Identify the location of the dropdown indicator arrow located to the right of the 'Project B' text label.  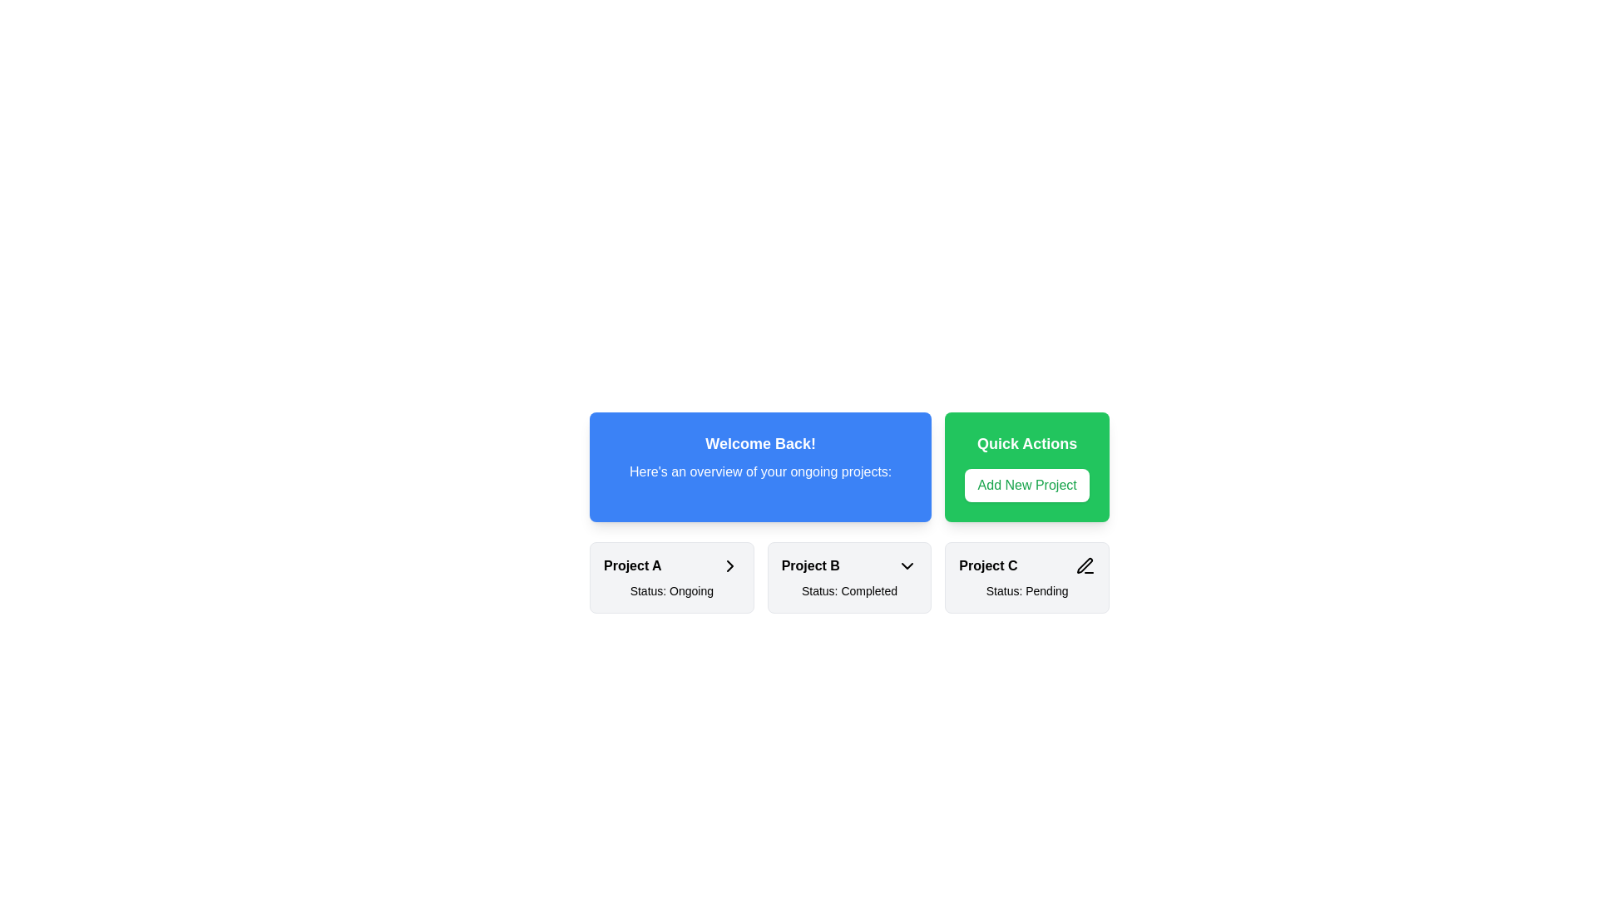
(906, 565).